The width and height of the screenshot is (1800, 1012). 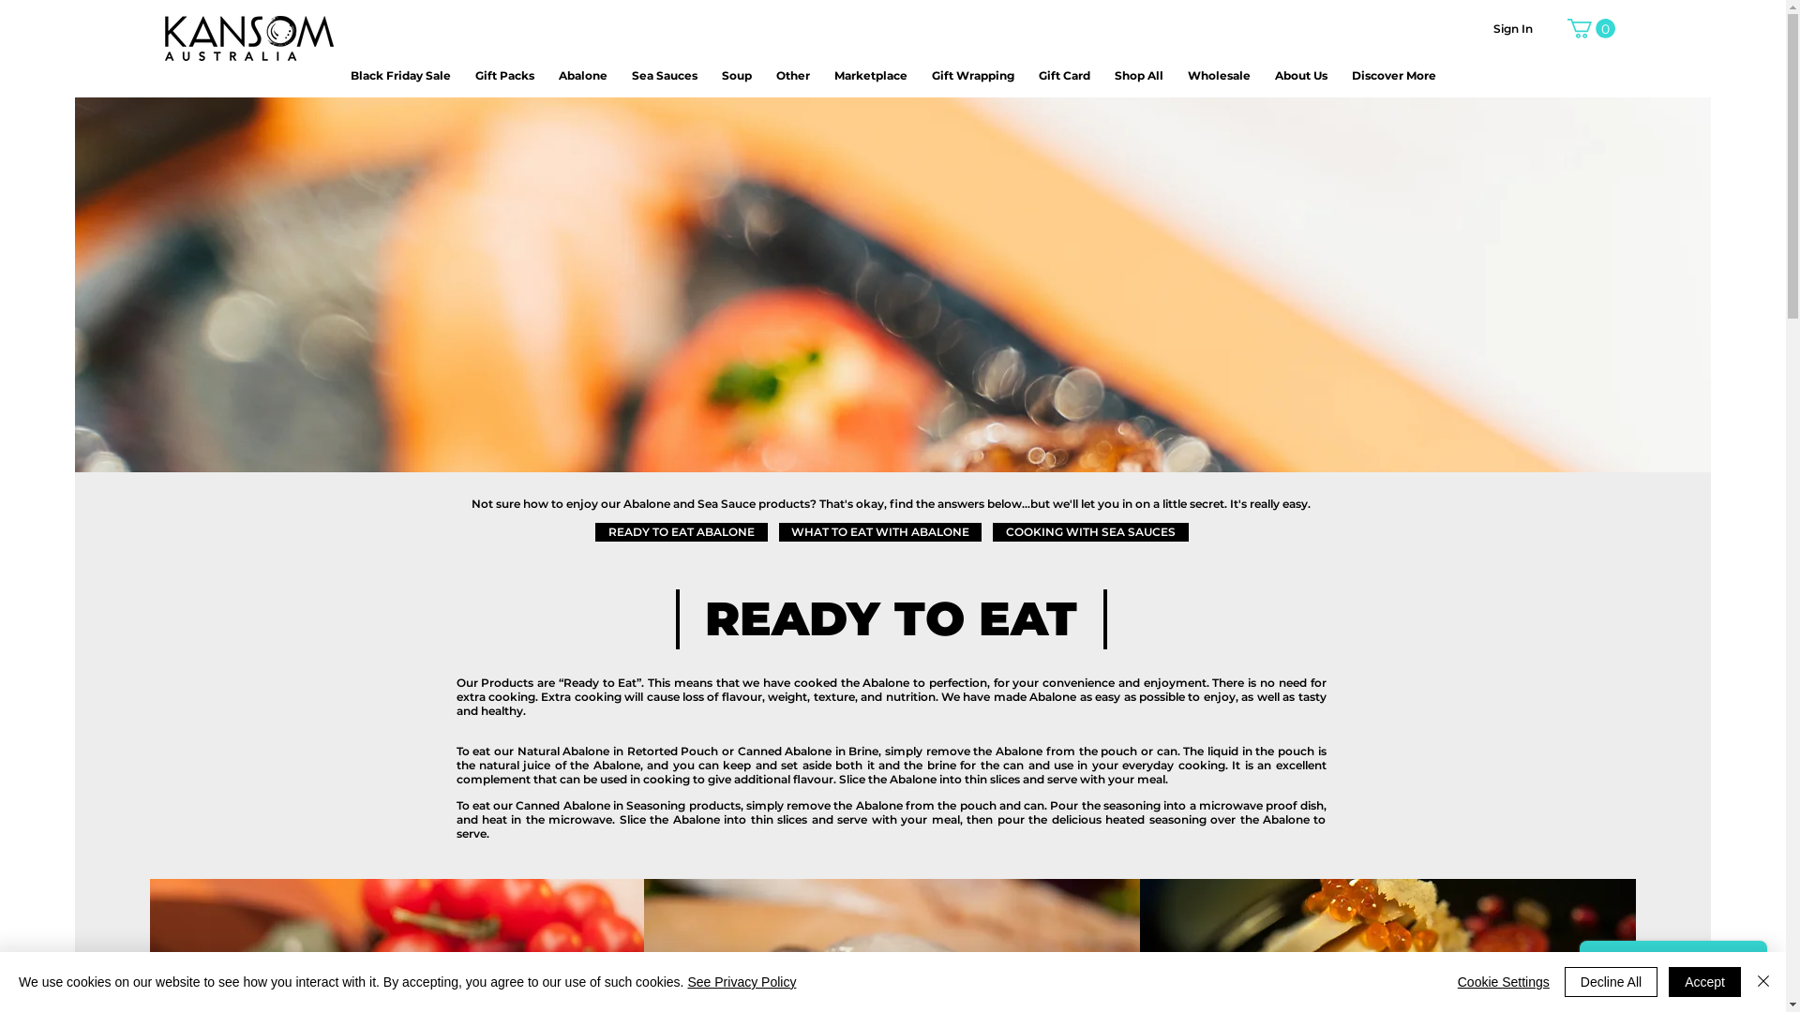 What do you see at coordinates (1064, 74) in the screenshot?
I see `'Gift Card'` at bounding box center [1064, 74].